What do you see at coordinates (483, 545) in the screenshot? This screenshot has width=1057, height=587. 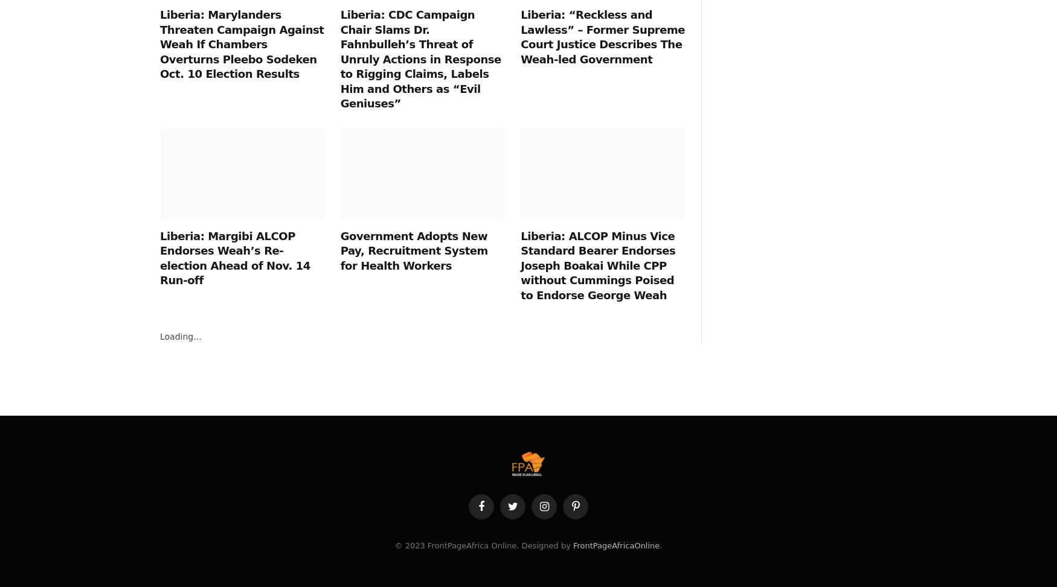 I see `'© 2023 FrontPageAfrica Online. Designed by'` at bounding box center [483, 545].